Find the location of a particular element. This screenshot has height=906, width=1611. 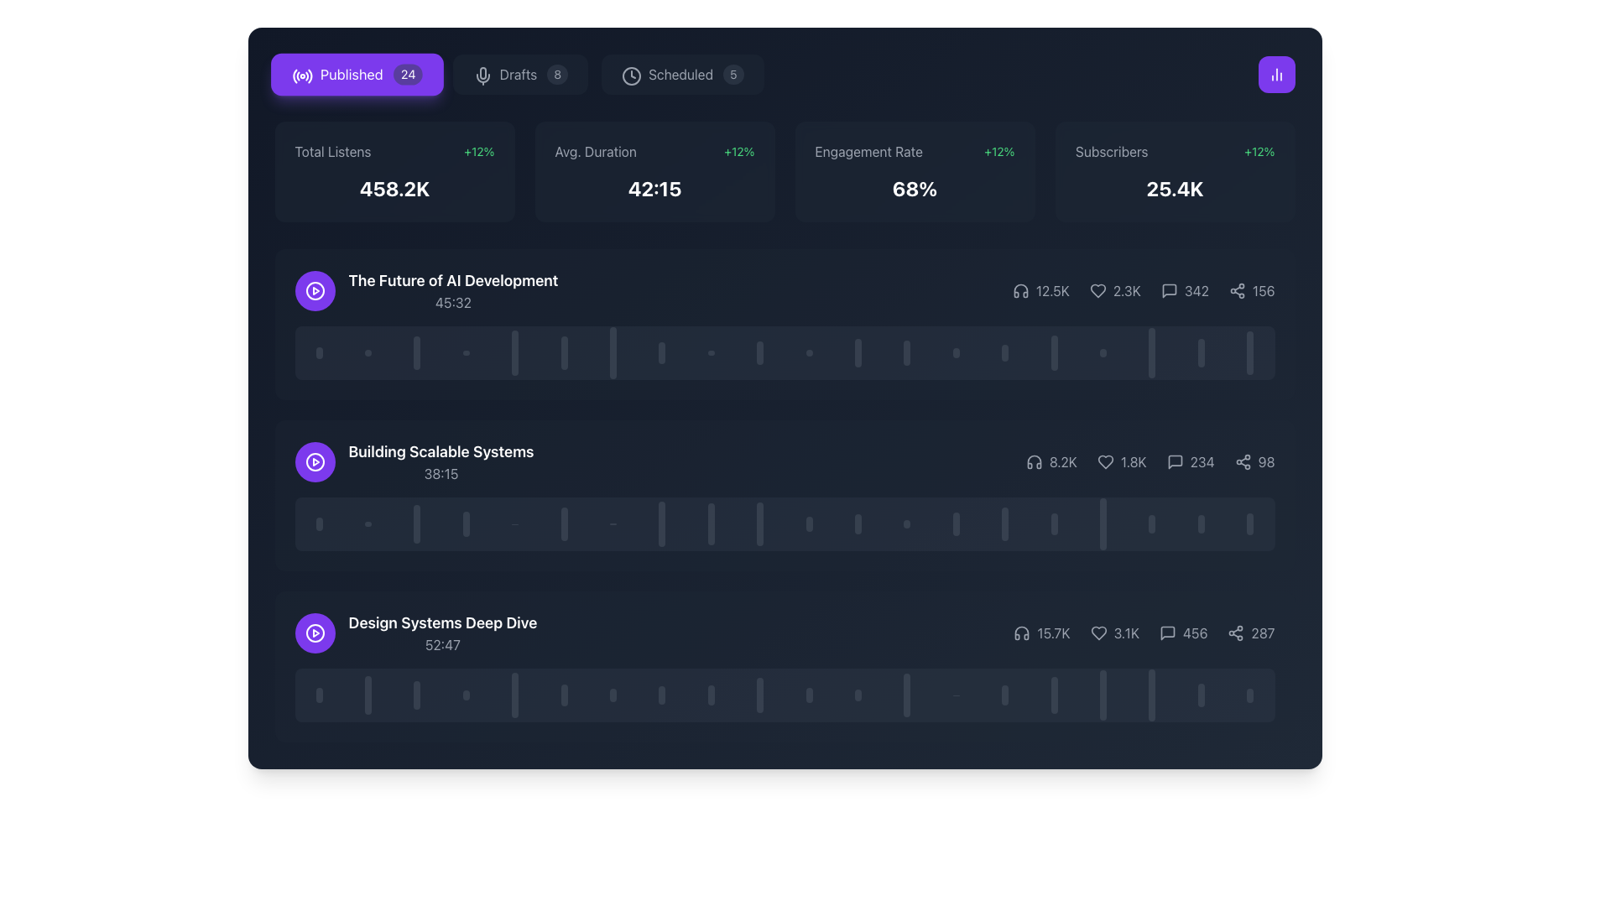

the circular button with a violet background and white play icon located at the top left of the row labeled 'The Future of AI Development - 45:32' is located at coordinates (315, 290).